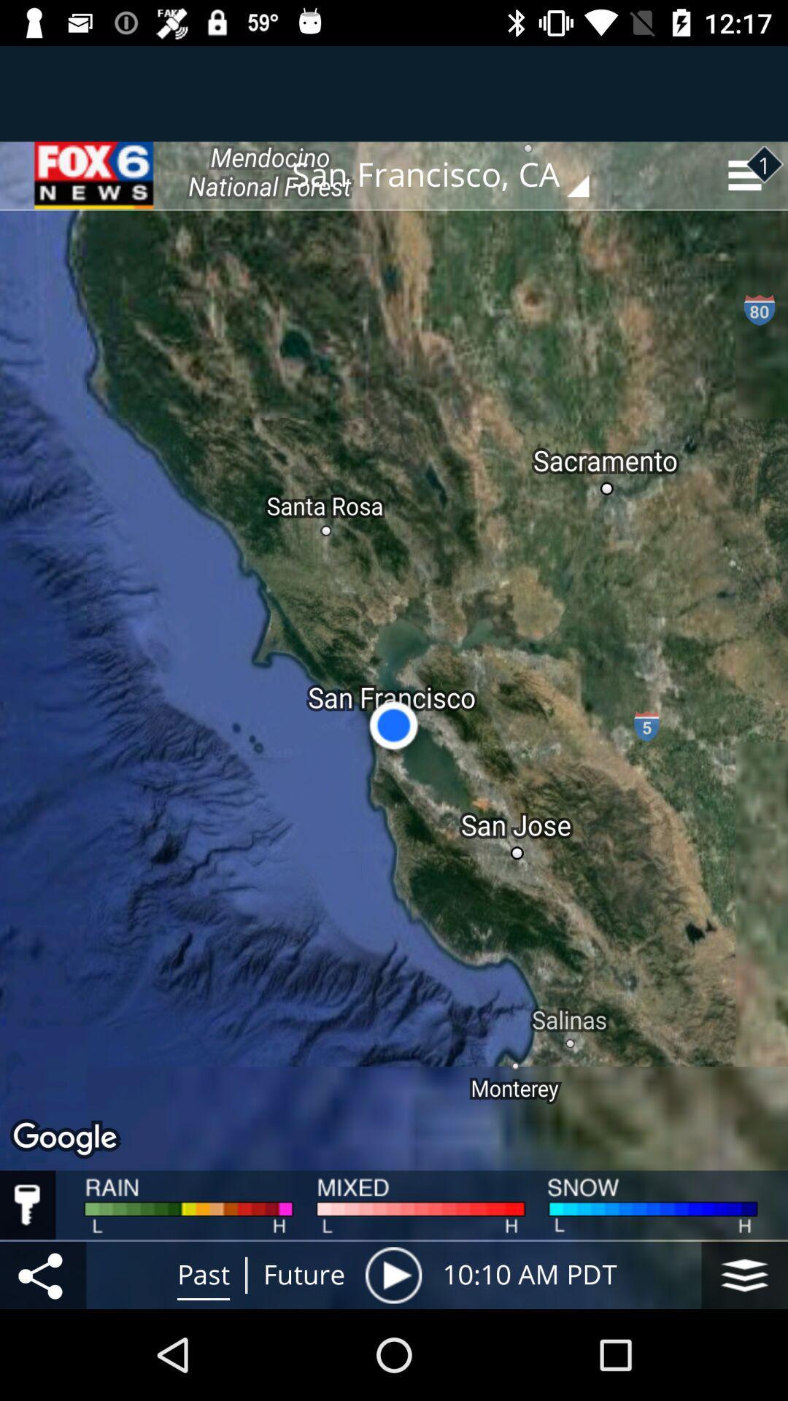  What do you see at coordinates (42, 1274) in the screenshot?
I see `the share icon` at bounding box center [42, 1274].